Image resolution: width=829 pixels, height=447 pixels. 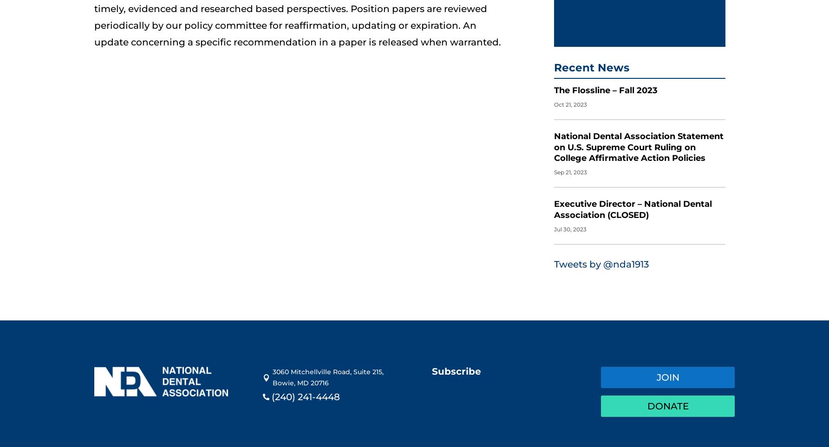 What do you see at coordinates (667, 368) in the screenshot?
I see `'Join'` at bounding box center [667, 368].